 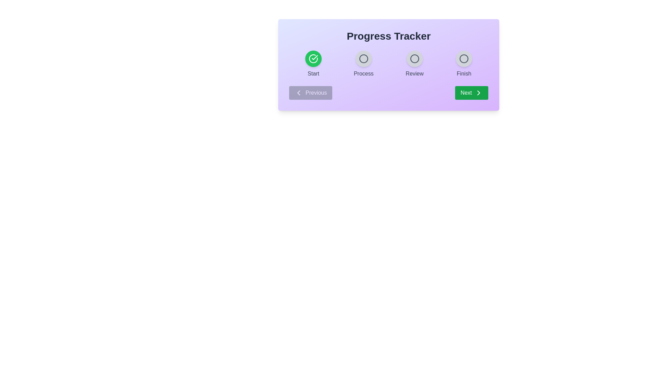 What do you see at coordinates (389, 36) in the screenshot?
I see `the 'Progress Tracker' text element, which is styled in bold large font and centered in a light purple header at the top of the panel` at bounding box center [389, 36].